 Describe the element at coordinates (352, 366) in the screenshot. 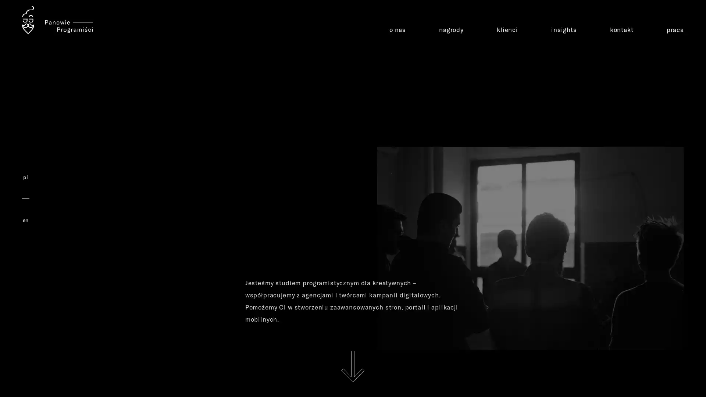

I see `Przeskroluj` at that location.